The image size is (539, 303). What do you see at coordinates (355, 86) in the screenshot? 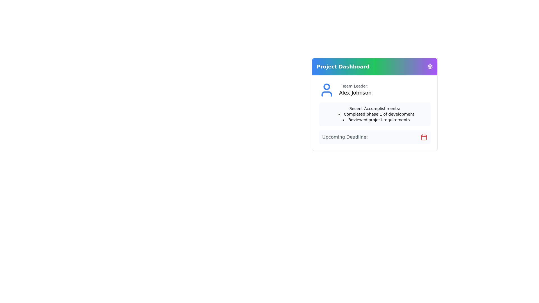
I see `the label displaying 'Team Leader:' which is styled in gray and located above the name 'Alex Johnson' in the project dashboard card` at bounding box center [355, 86].